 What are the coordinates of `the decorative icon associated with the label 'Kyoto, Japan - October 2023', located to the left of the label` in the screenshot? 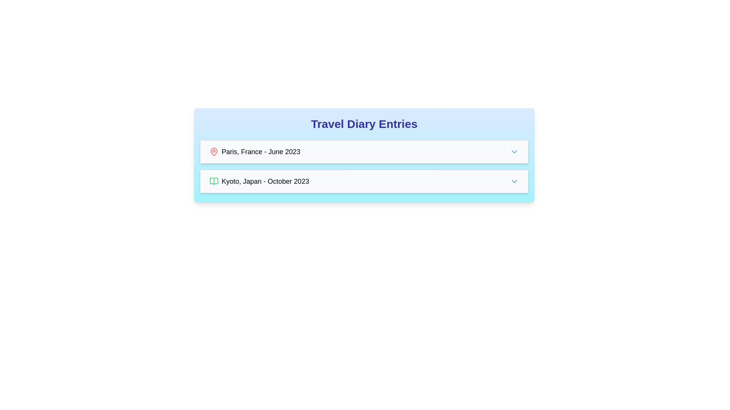 It's located at (213, 181).